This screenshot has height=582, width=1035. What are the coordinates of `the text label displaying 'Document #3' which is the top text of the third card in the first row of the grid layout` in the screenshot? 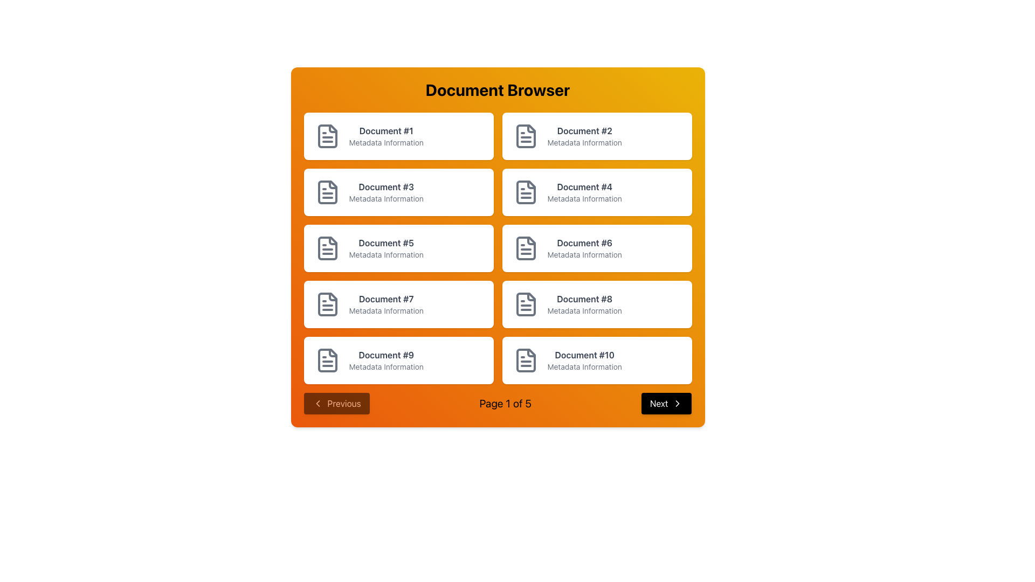 It's located at (386, 186).